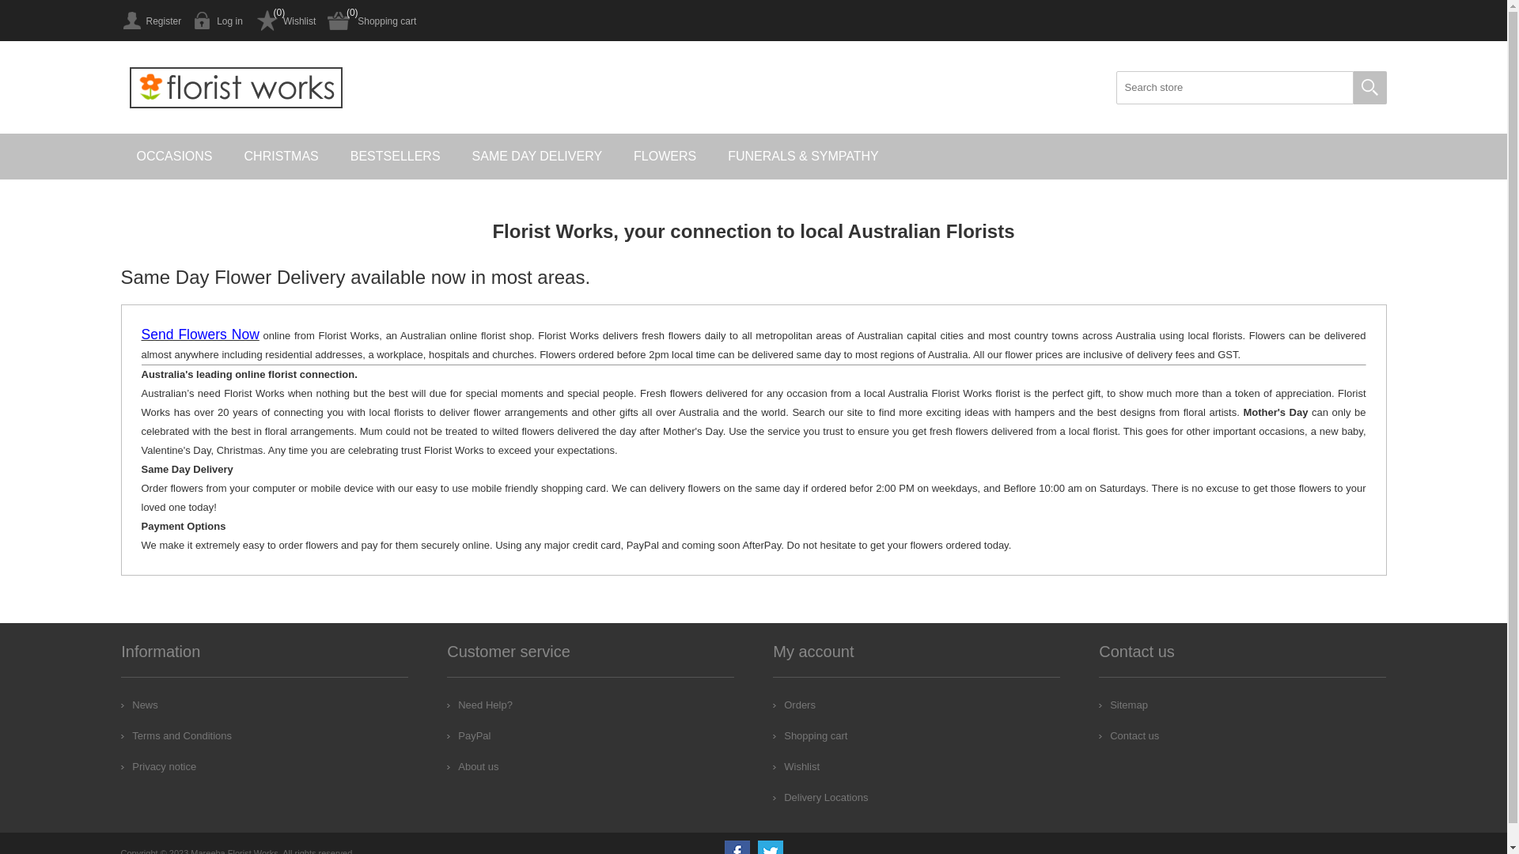  What do you see at coordinates (150, 21) in the screenshot?
I see `'Register'` at bounding box center [150, 21].